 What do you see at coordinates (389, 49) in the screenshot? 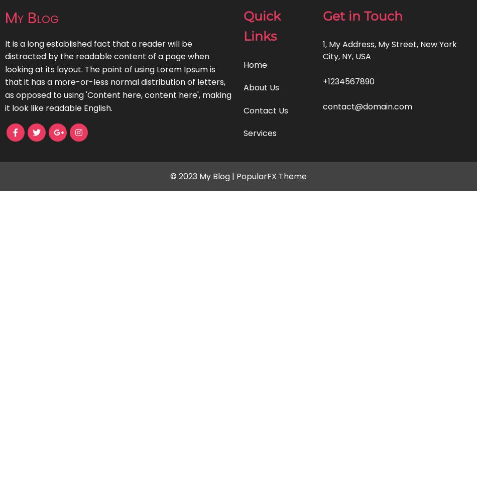
I see `'1, My Address, My Street, New York City, NY, USA'` at bounding box center [389, 49].